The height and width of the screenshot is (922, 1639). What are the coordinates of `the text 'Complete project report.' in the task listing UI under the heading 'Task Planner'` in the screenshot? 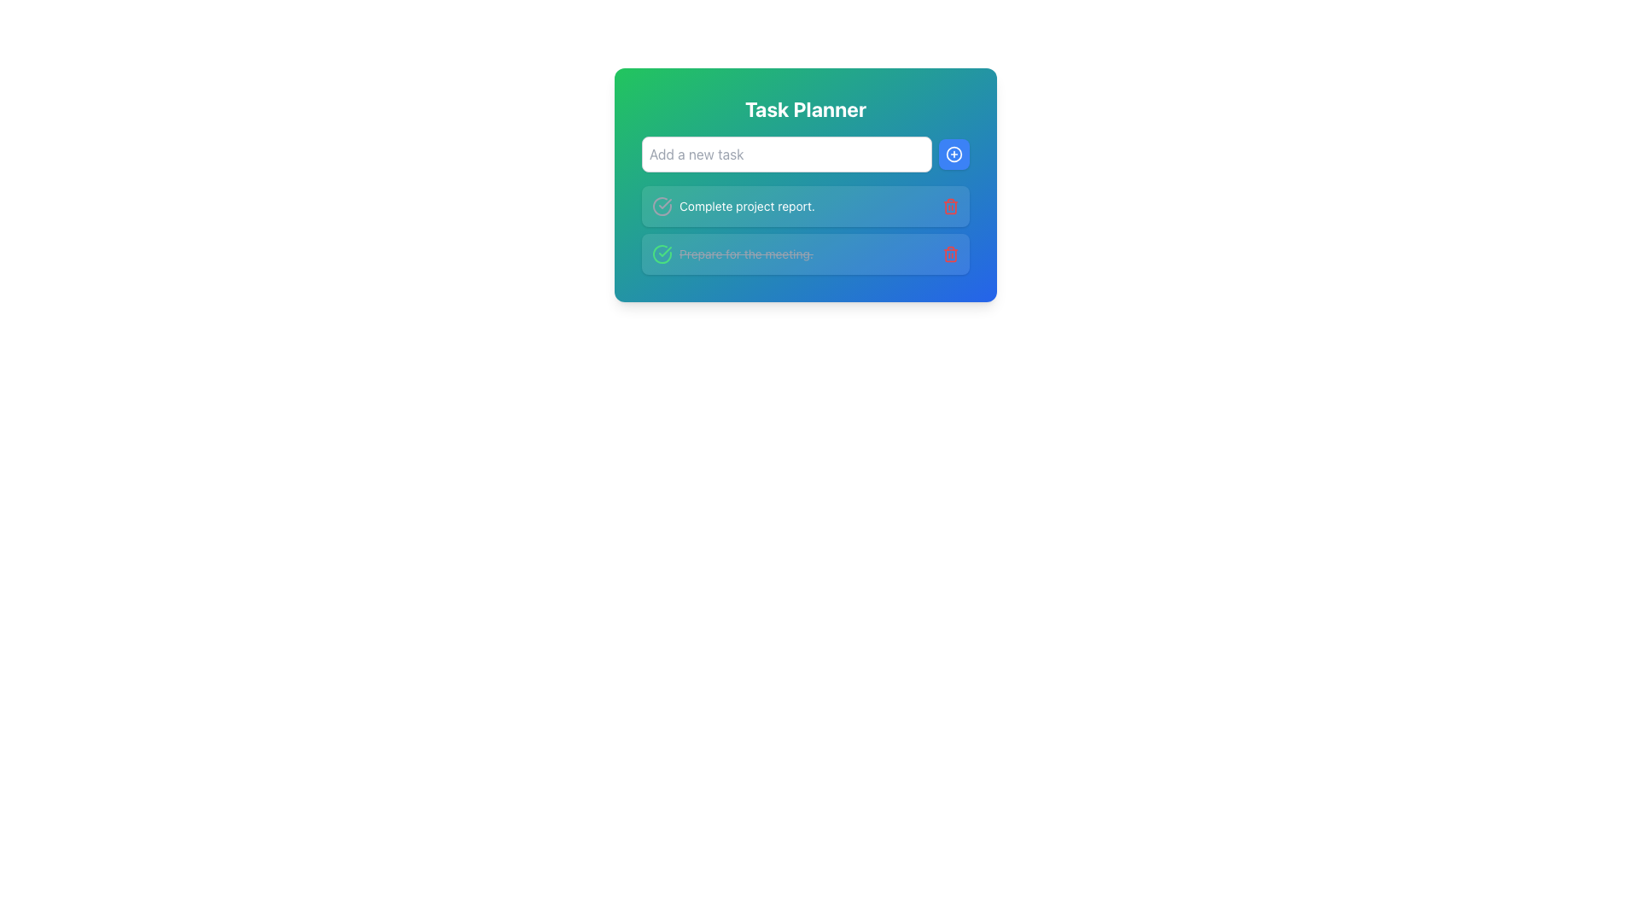 It's located at (733, 206).